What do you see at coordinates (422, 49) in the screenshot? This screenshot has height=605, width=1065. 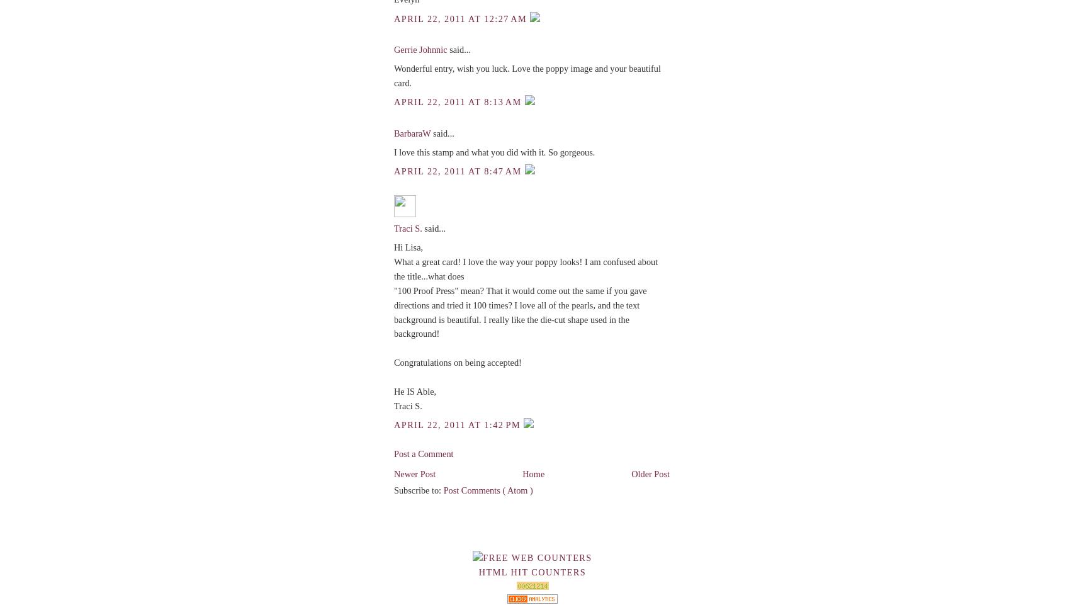 I see `'Gerrie Johnnic'` at bounding box center [422, 49].